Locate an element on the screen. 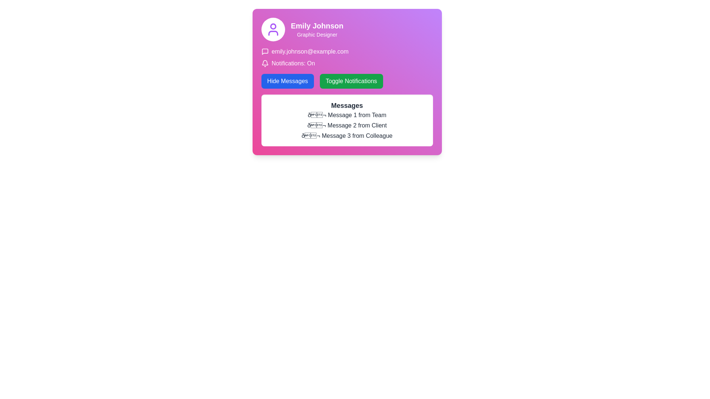  the third message display item from a colleague in the Messages section is located at coordinates (346, 136).